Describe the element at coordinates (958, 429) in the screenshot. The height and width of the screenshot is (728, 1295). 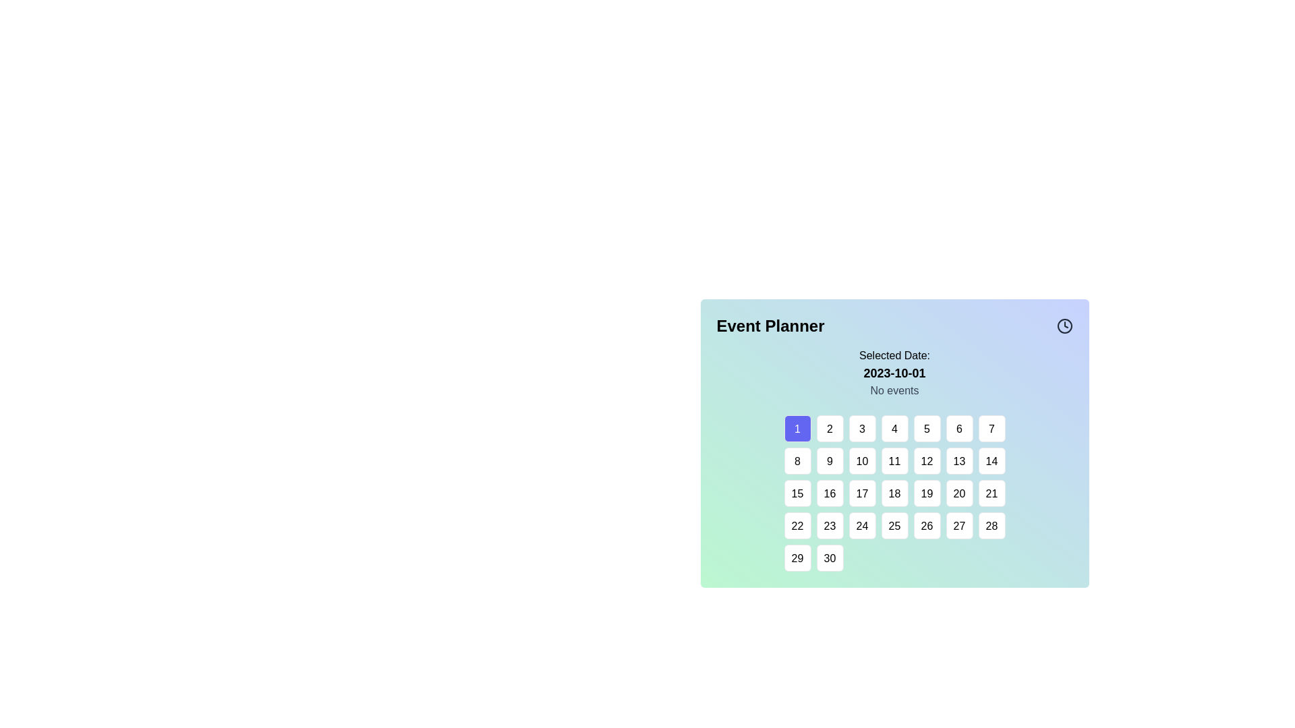
I see `the selectable day button in the calendar interface, which is the sixth item in the top row of the grid, to change its background` at that location.